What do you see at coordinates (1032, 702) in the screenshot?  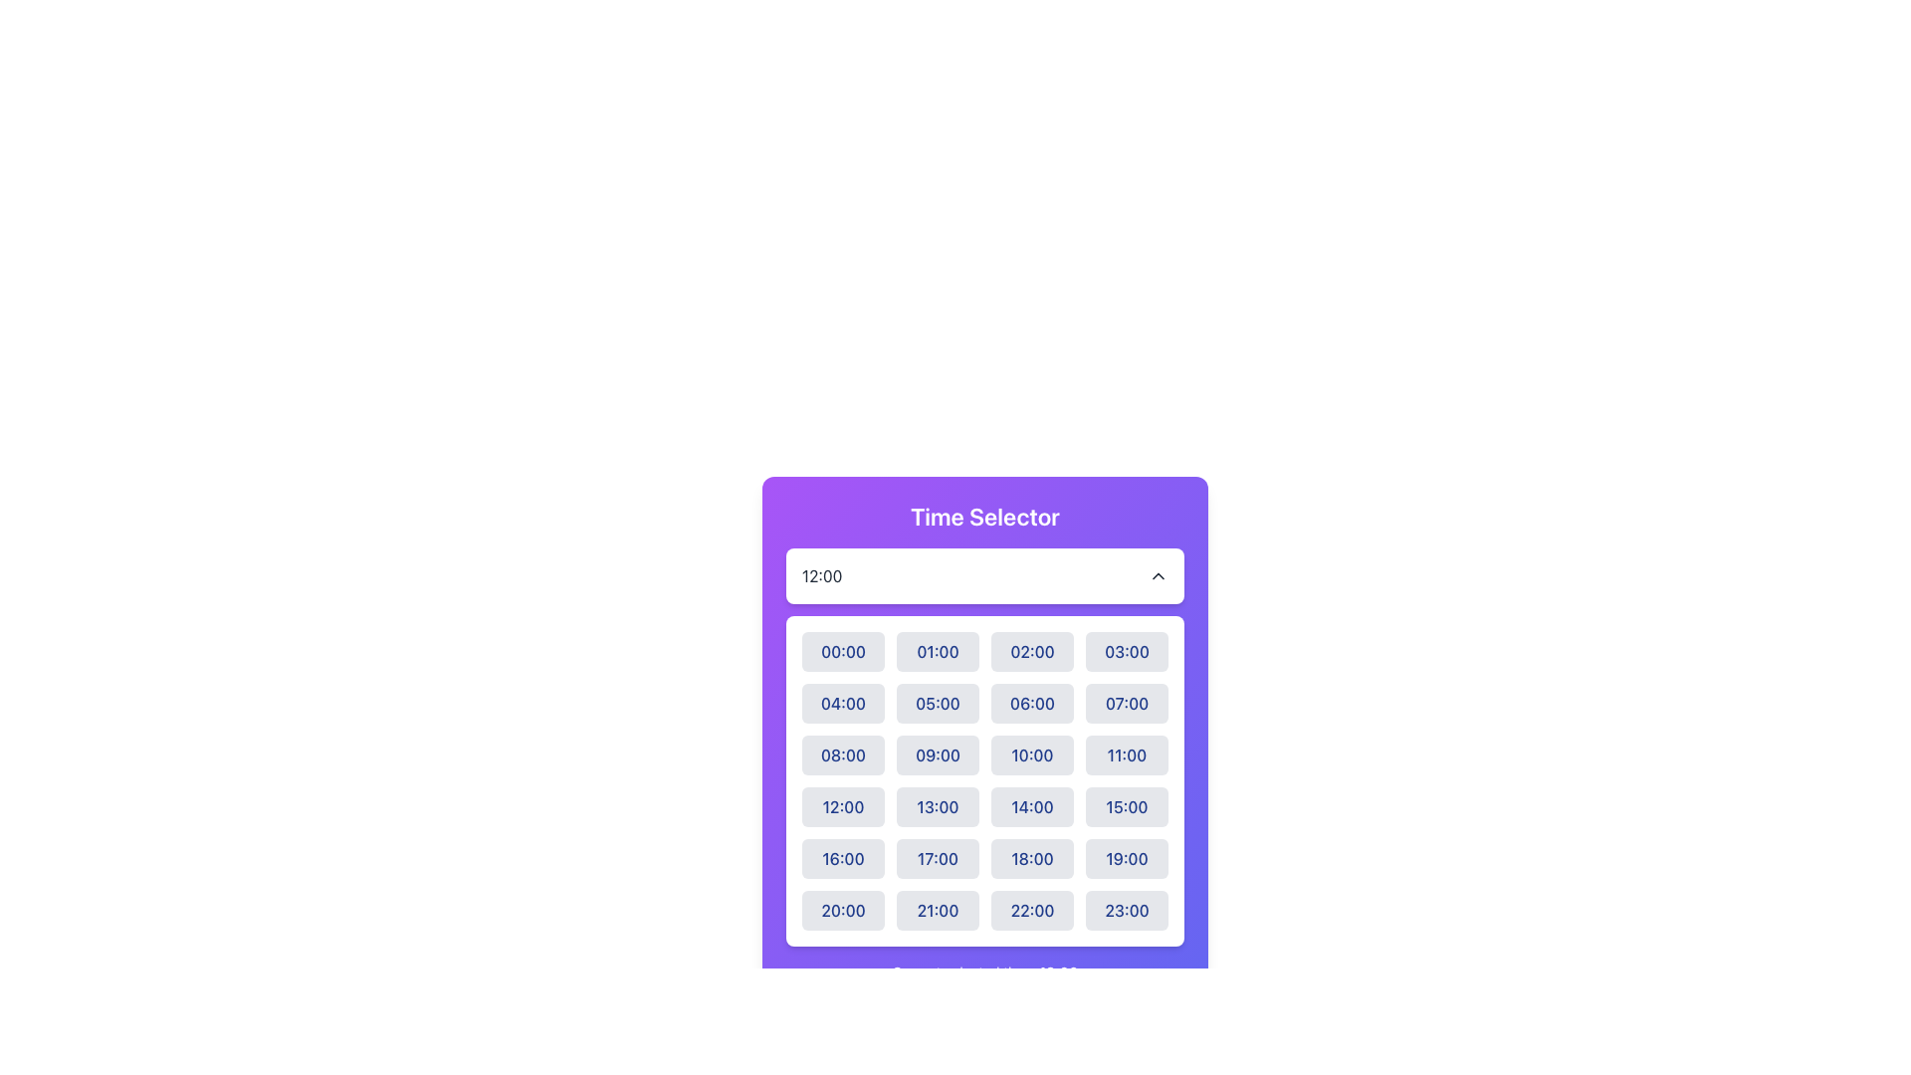 I see `the rectangular button labeled '06:00' with a light gray background and dark blue bold font` at bounding box center [1032, 702].